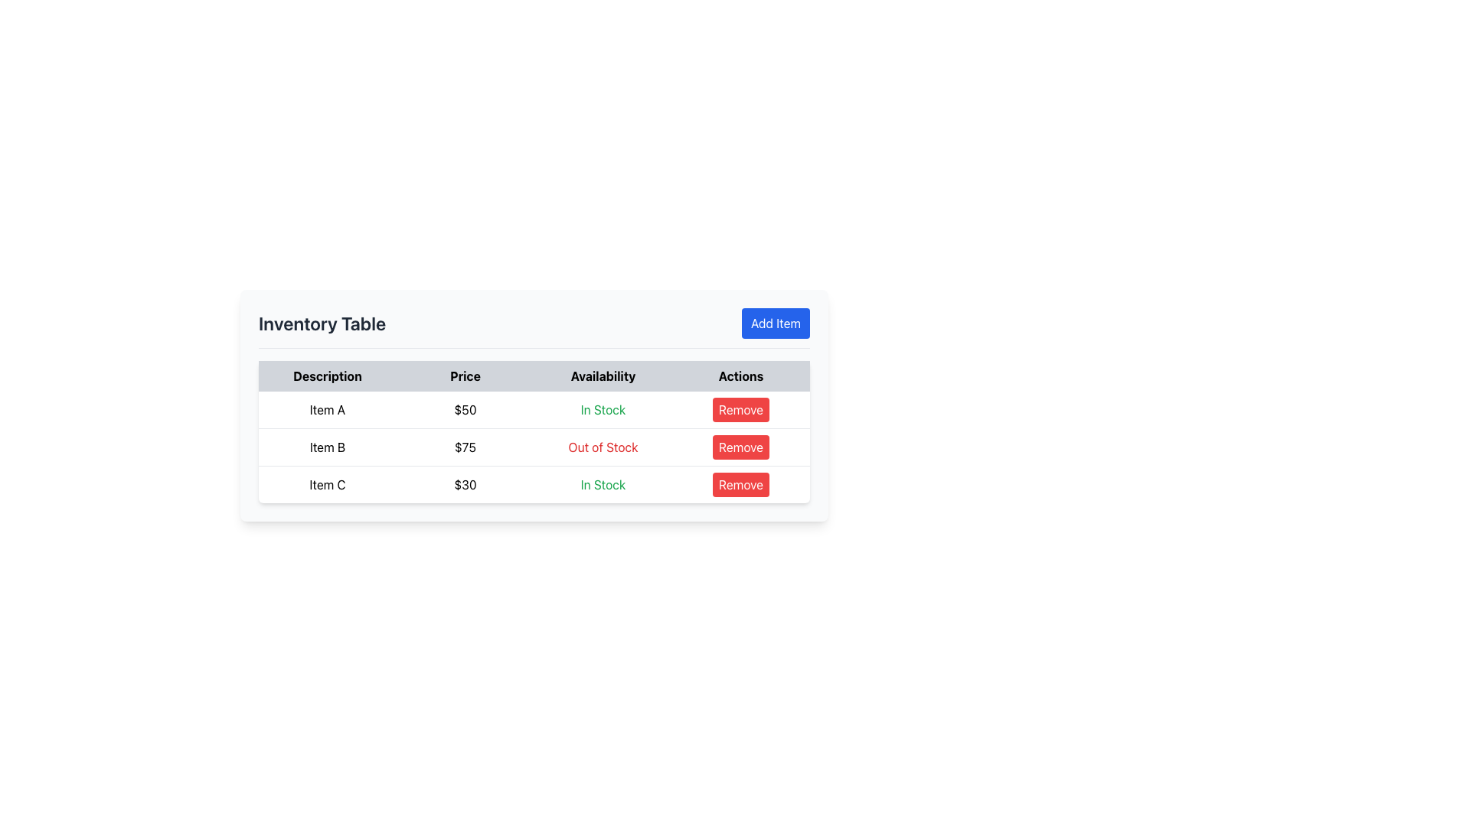 The width and height of the screenshot is (1470, 826). I want to click on the Text Label in the third row of the 'Description' column, which displays the name or identifier of an item in the inventory list, located above '$30' and to the left of 'In Stock', so click(326, 483).